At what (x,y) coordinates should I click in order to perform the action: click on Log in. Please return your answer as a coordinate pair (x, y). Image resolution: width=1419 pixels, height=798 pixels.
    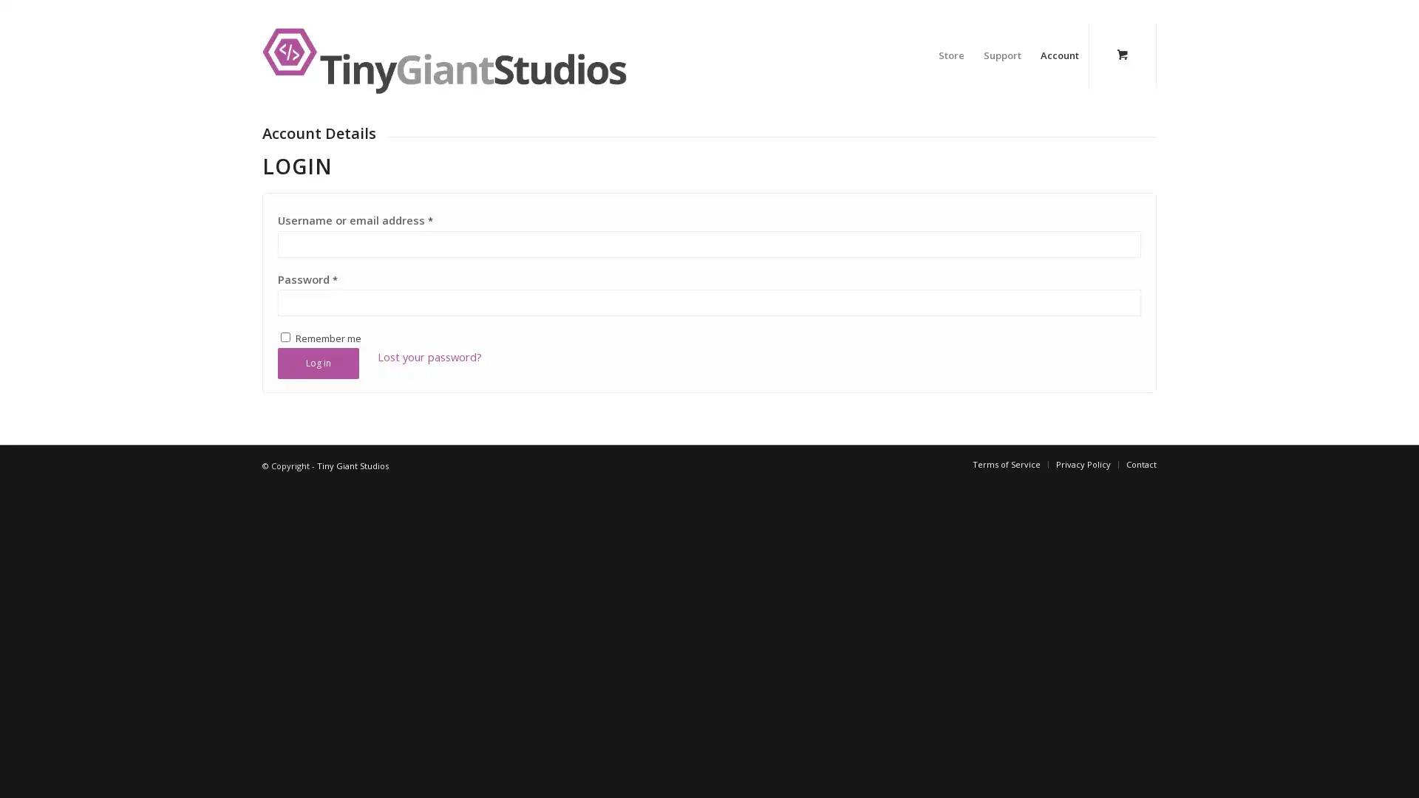
    Looking at the image, I should click on (318, 540).